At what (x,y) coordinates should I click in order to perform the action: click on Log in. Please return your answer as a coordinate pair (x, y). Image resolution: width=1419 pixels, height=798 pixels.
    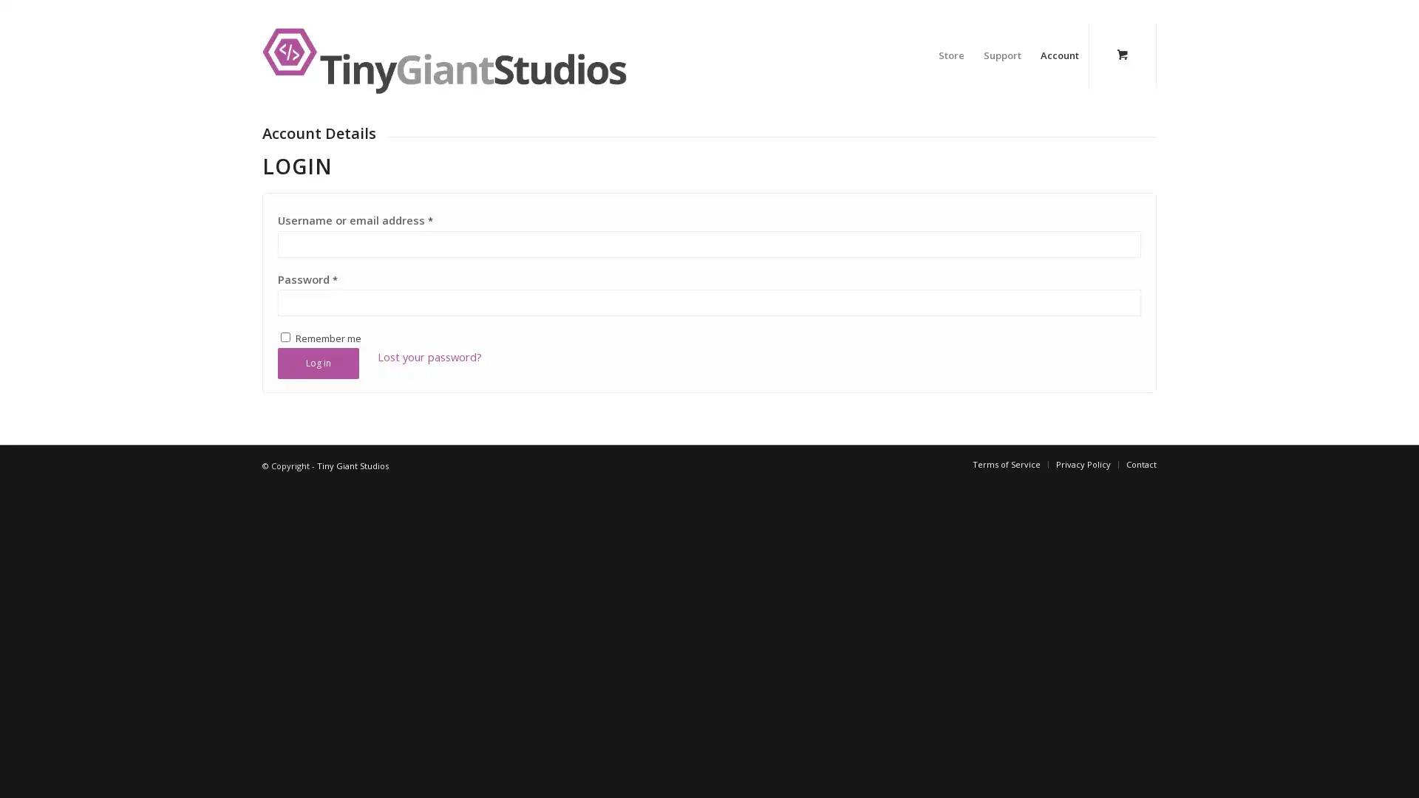
    Looking at the image, I should click on (318, 540).